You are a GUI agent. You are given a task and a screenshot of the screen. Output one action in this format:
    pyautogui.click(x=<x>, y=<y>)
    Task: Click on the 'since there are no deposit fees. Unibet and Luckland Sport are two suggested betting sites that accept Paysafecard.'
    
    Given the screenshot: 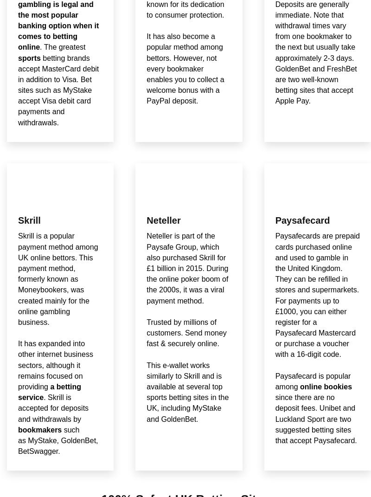 What is the action you would take?
    pyautogui.click(x=316, y=419)
    